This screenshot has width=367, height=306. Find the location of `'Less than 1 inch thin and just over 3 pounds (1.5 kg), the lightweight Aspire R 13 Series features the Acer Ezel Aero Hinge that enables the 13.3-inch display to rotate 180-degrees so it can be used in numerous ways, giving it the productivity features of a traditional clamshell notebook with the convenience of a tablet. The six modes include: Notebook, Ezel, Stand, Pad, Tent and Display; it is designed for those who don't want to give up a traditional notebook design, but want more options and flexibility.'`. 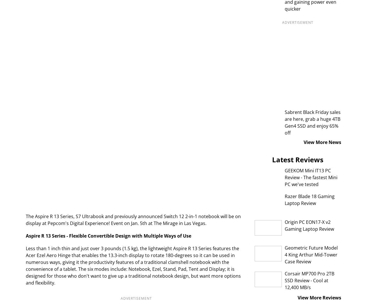

'Less than 1 inch thin and just over 3 pounds (1.5 kg), the lightweight Aspire R 13 Series features the Acer Ezel Aero Hinge that enables the 13.3-inch display to rotate 180-degrees so it can be used in numerous ways, giving it the productivity features of a traditional clamshell notebook with the convenience of a tablet. The six modes include: Notebook, Ezel, Stand, Pad, Tent and Display; it is designed for those who don't want to give up a traditional notebook design, but want more options and flexibility.' is located at coordinates (133, 265).